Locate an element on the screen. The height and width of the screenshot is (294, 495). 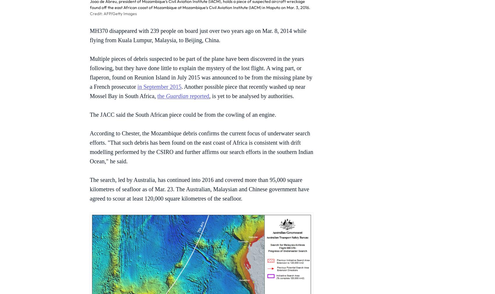
'Guardian' is located at coordinates (177, 96).